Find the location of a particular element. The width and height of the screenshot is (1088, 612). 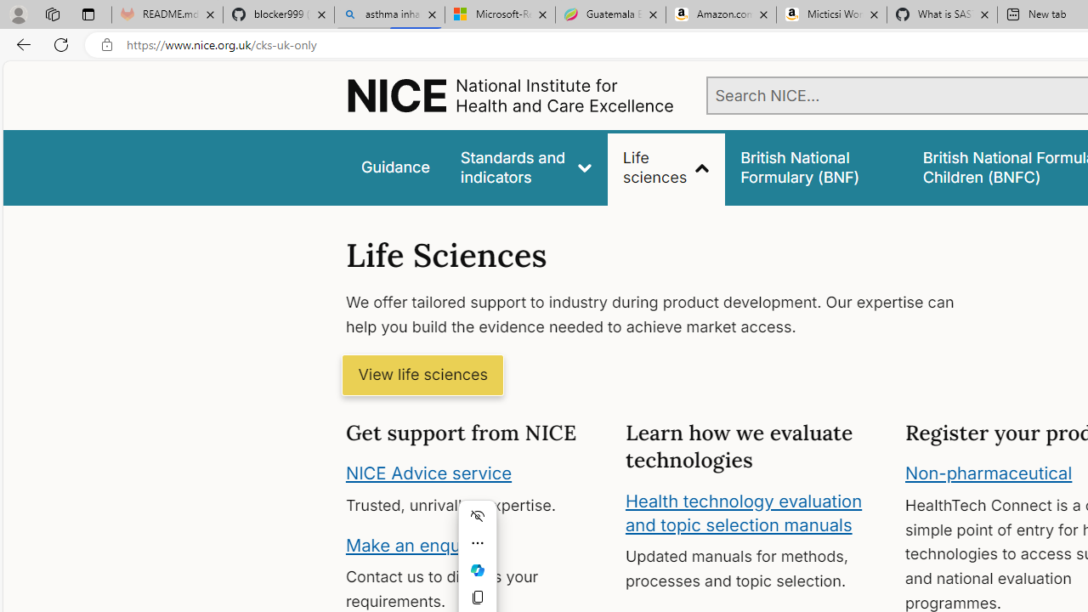

'Ask Copilot' is located at coordinates (476, 570).